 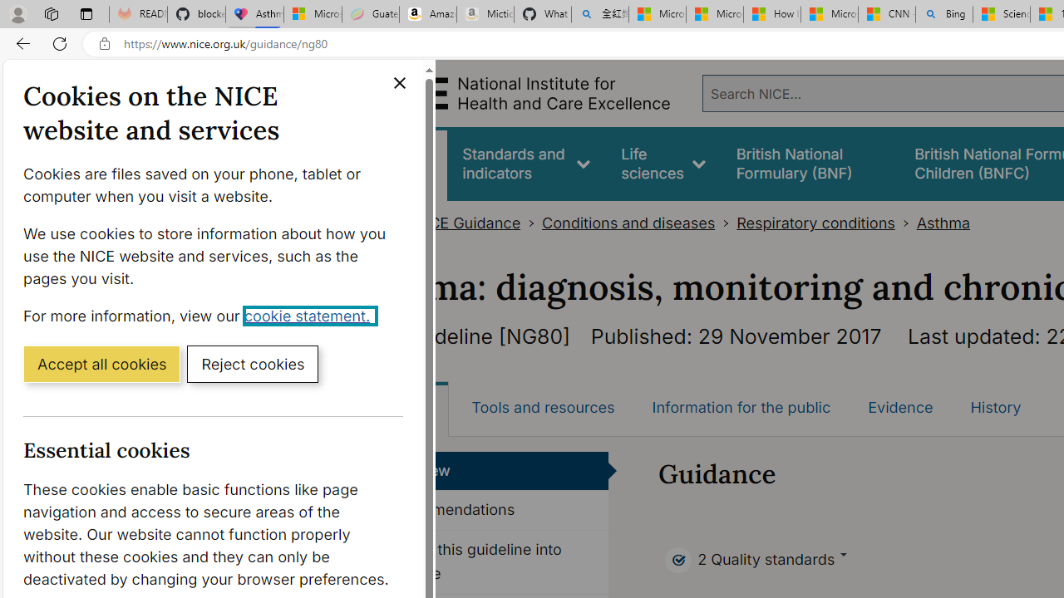 What do you see at coordinates (996, 408) in the screenshot?
I see `'History'` at bounding box center [996, 408].